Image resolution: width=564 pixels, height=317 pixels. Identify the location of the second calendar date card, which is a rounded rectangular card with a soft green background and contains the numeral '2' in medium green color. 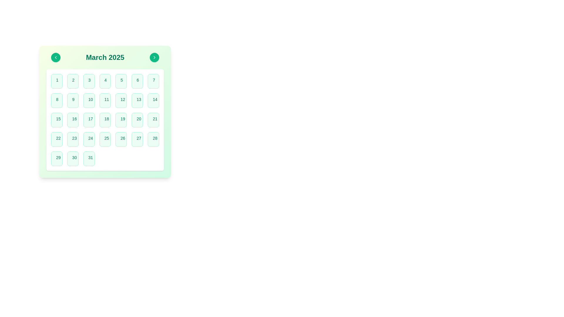
(73, 81).